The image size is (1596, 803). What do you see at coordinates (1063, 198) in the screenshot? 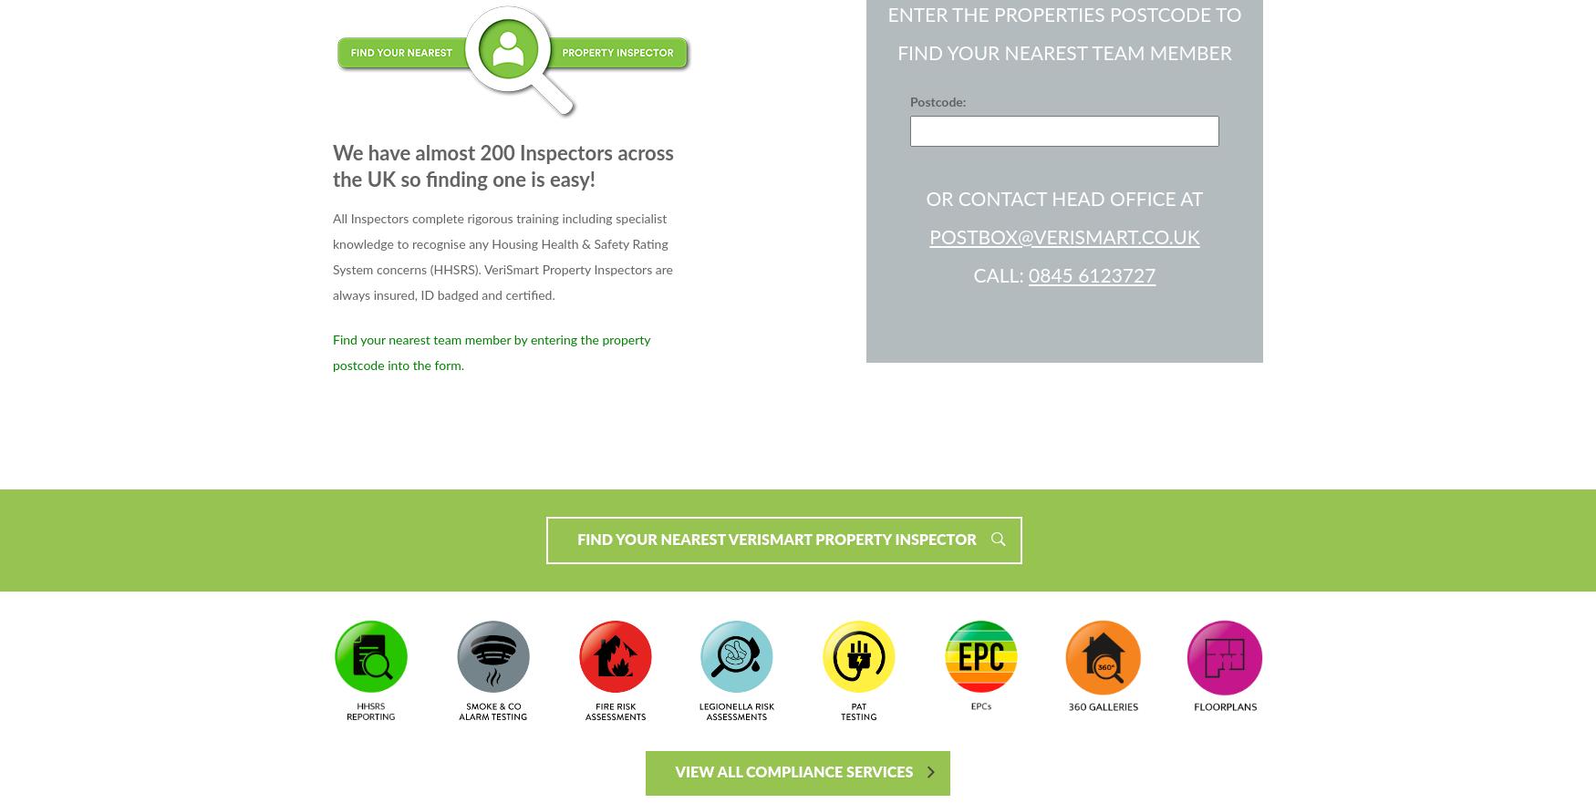
I see `'Or contact Head Office at'` at bounding box center [1063, 198].